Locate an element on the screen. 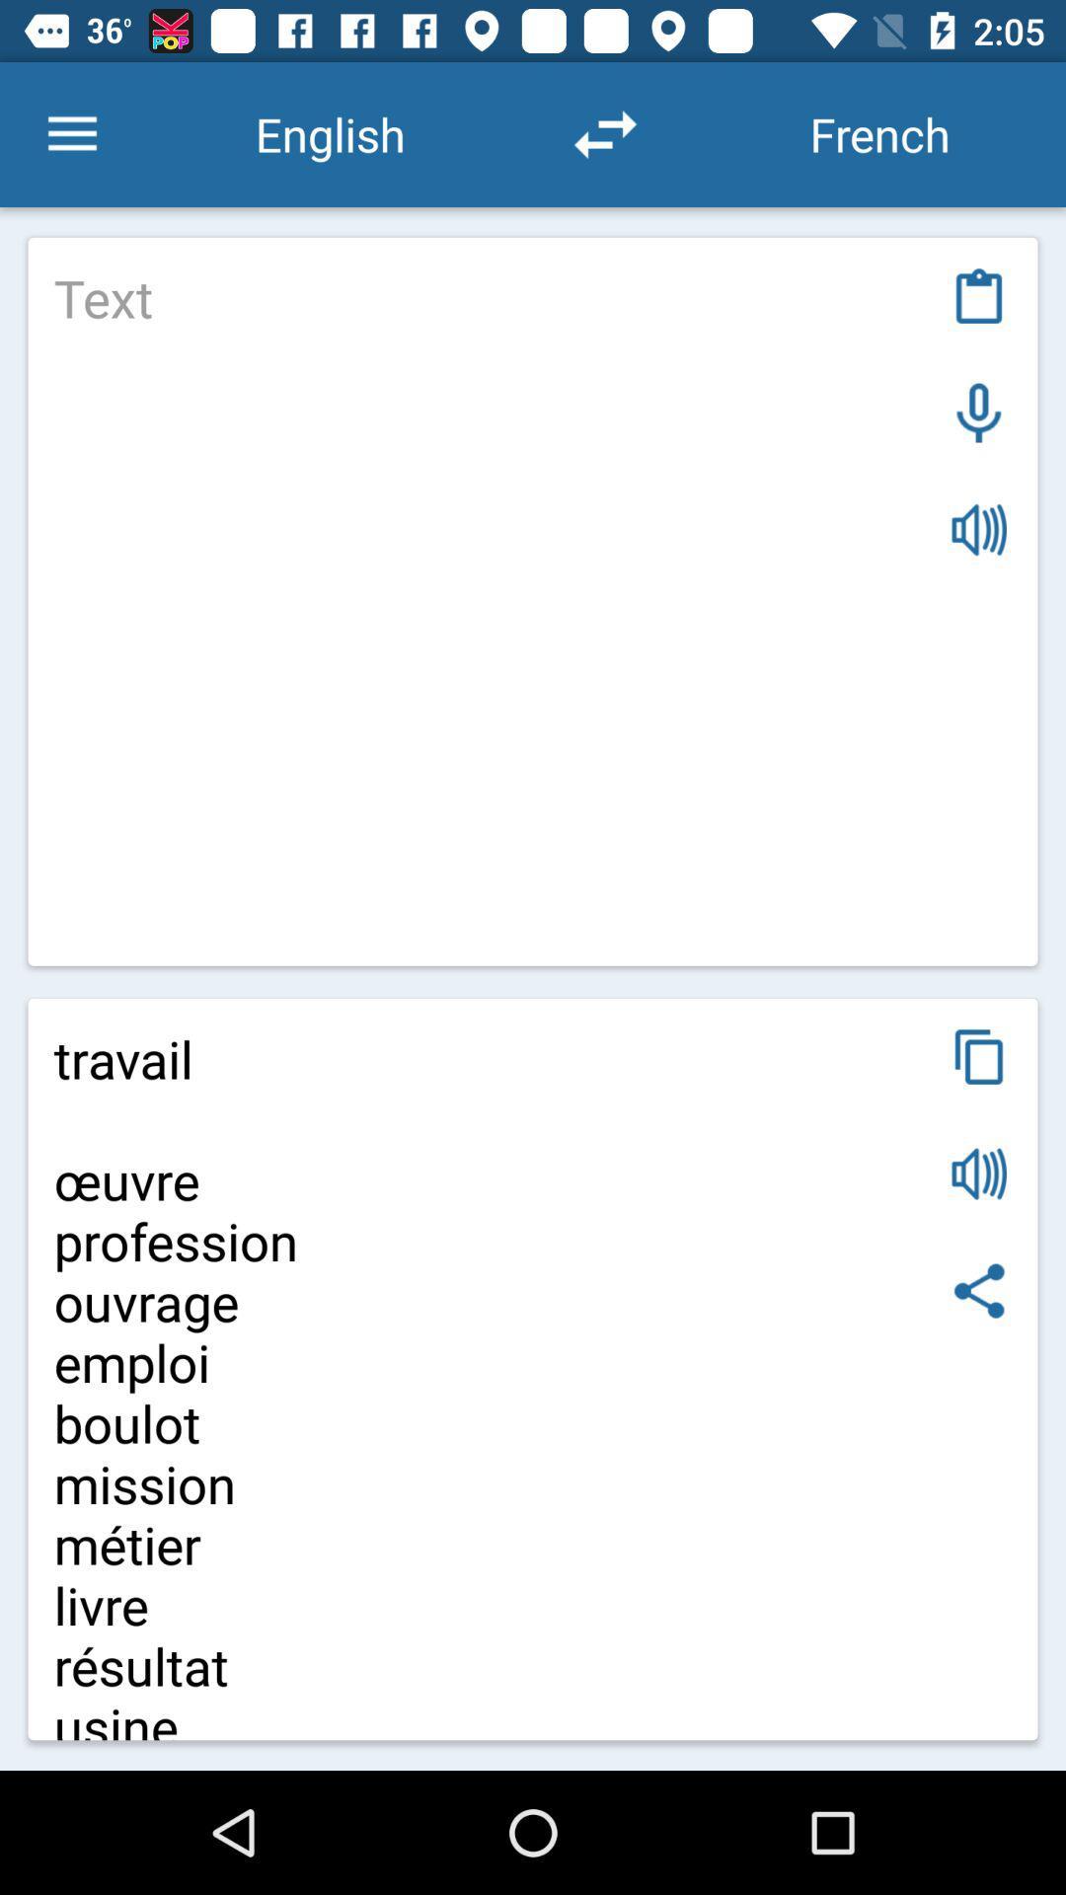 Image resolution: width=1066 pixels, height=1895 pixels. icon next to the english item is located at coordinates (71, 133).